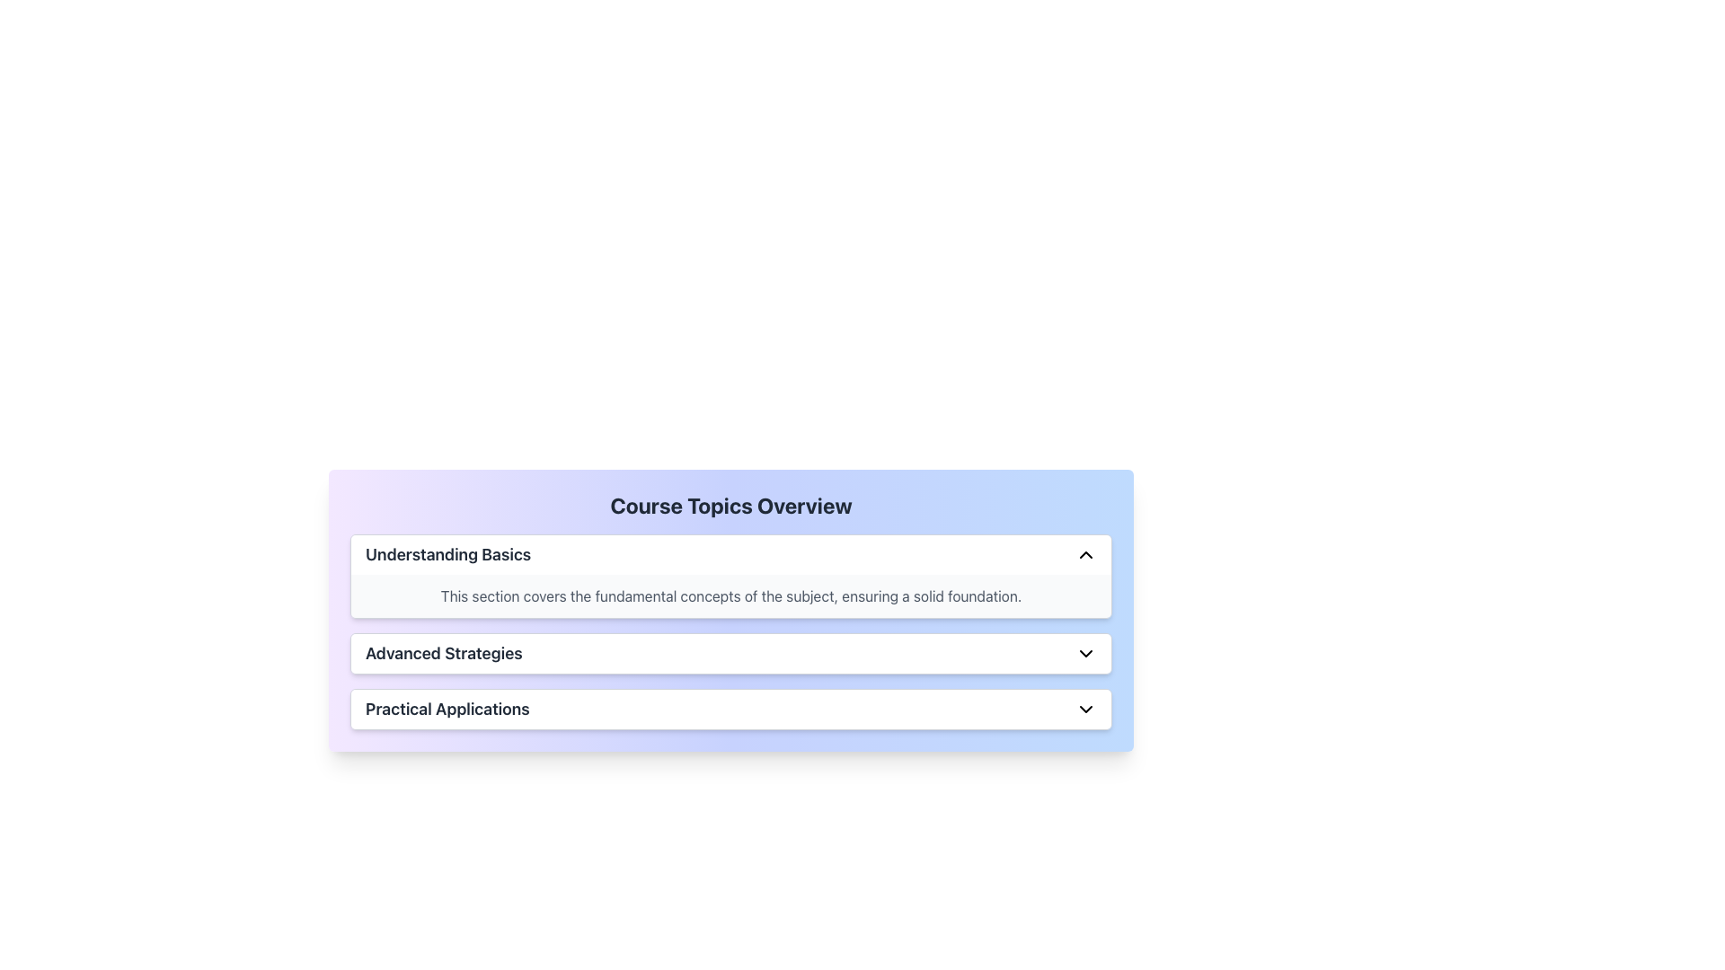  Describe the element at coordinates (731, 631) in the screenshot. I see `the second collapsible section in the Course Topics Overview` at that location.